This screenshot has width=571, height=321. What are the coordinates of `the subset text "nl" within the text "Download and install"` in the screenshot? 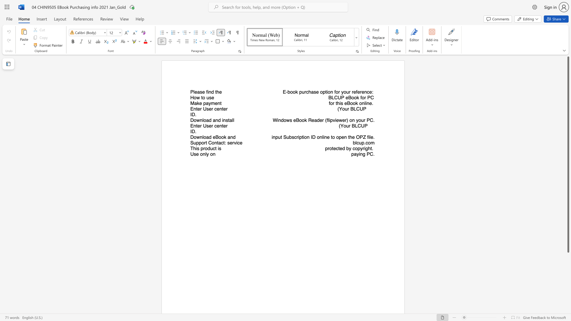 It's located at (200, 120).